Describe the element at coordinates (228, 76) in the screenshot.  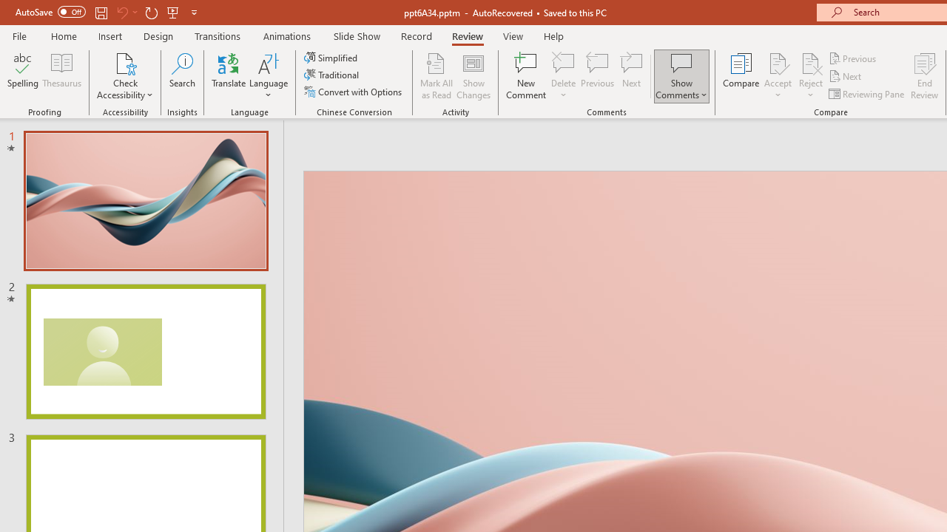
I see `'Translate'` at that location.